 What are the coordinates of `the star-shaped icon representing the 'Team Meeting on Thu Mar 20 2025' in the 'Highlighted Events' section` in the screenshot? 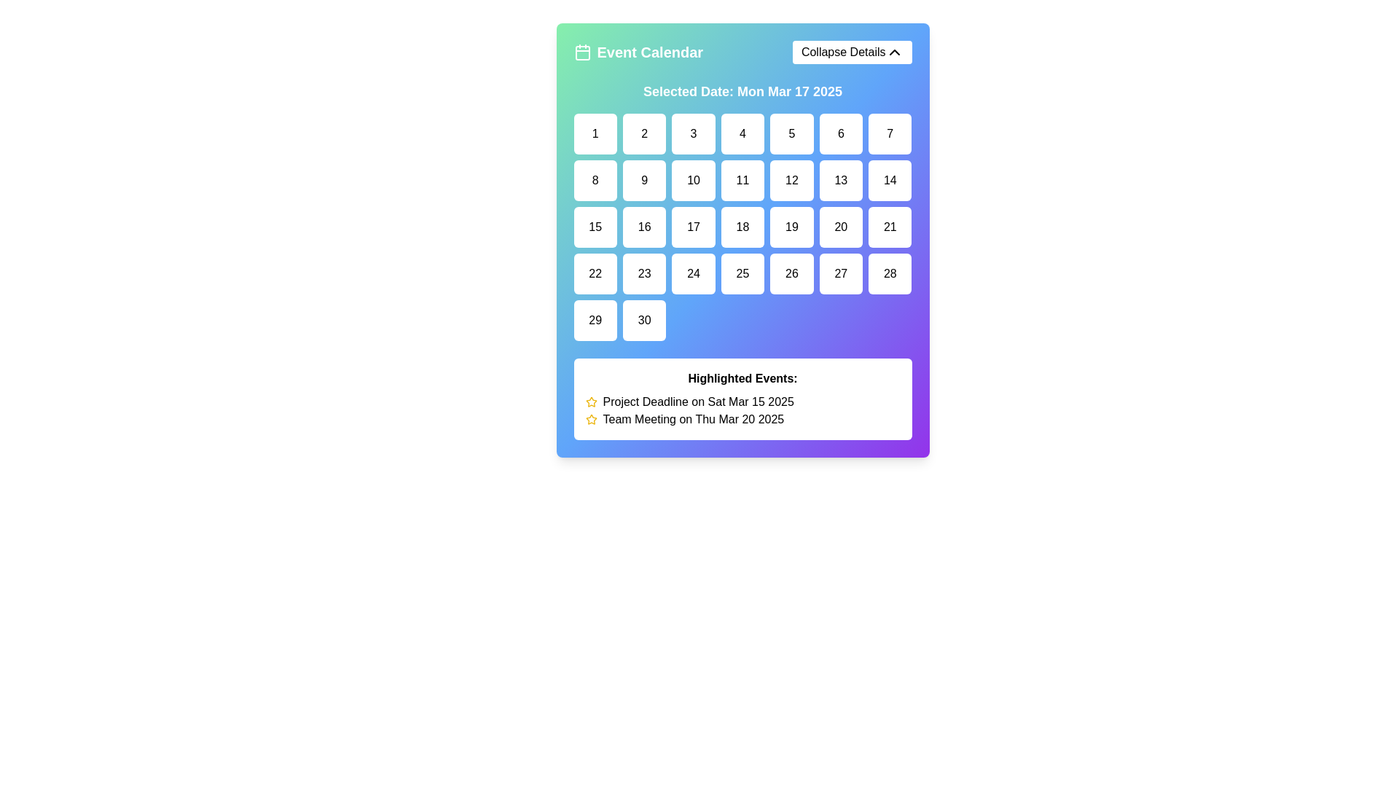 It's located at (591, 402).